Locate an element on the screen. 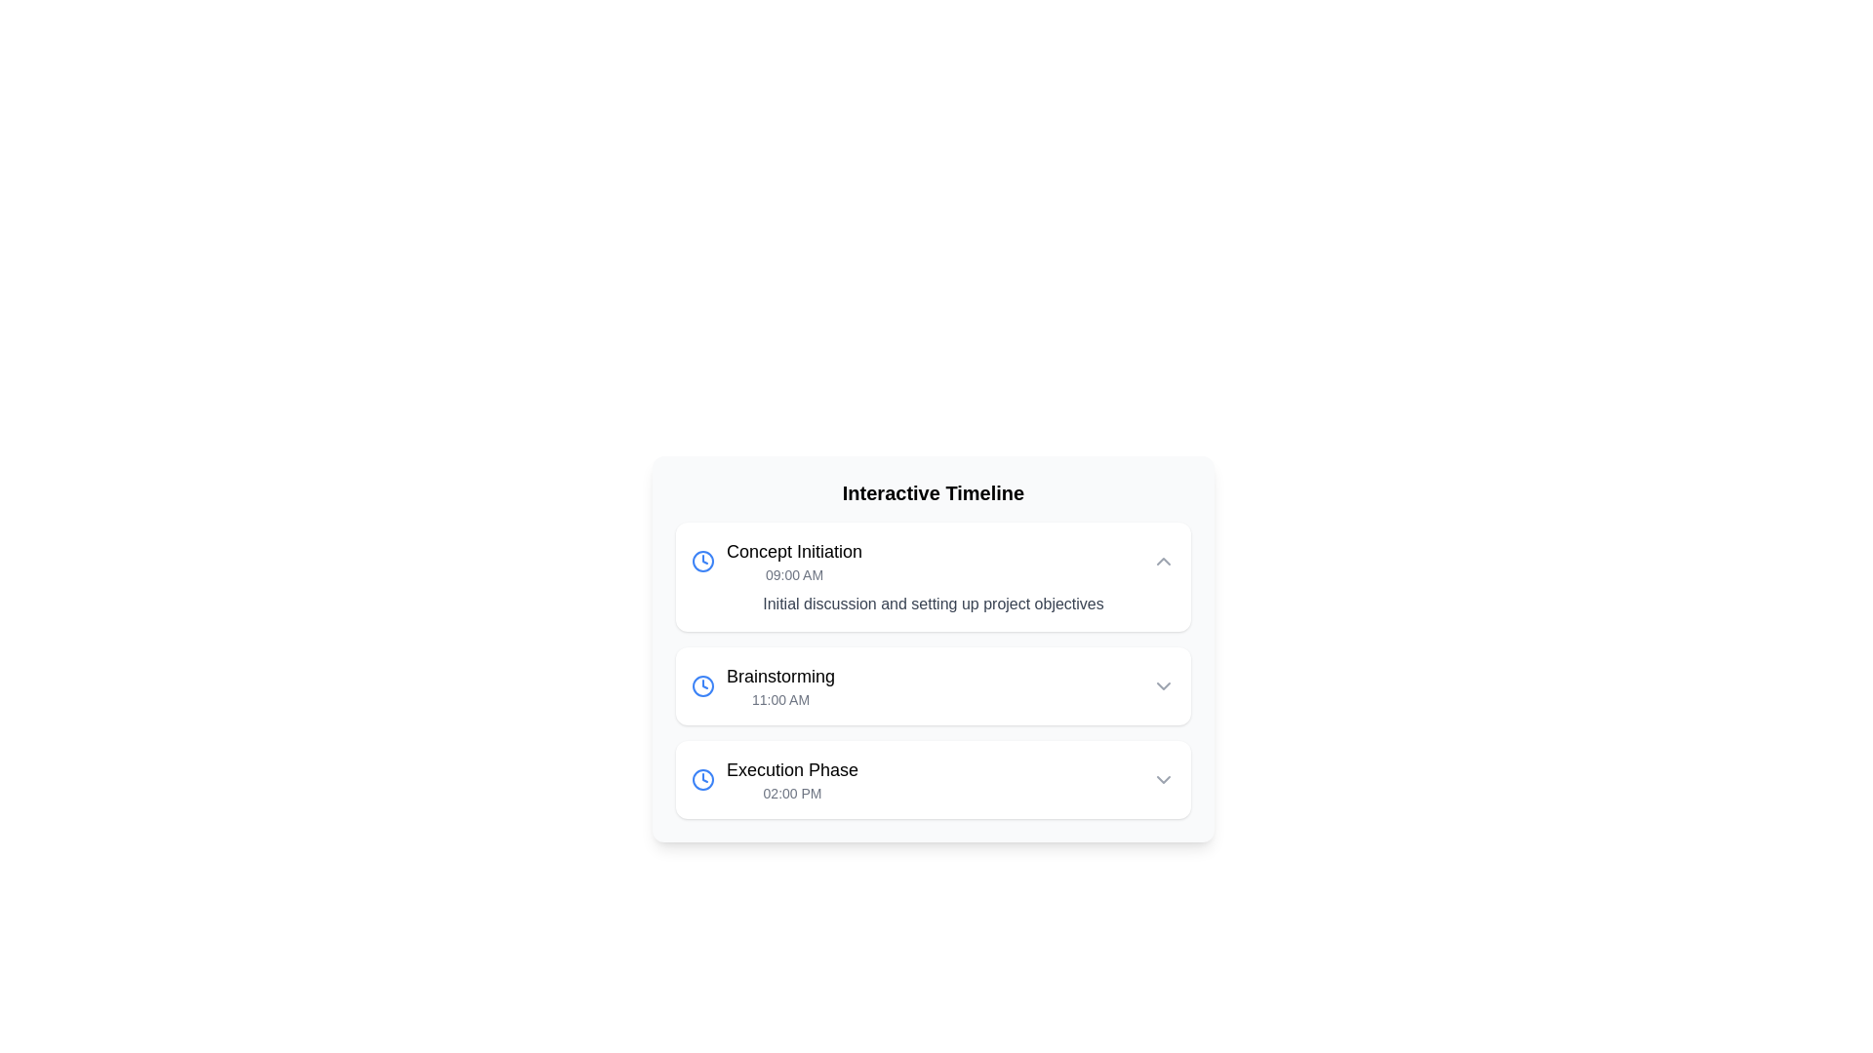 This screenshot has width=1873, height=1053. the 'Brainstorming' session text label in the timeline, which displays the event title and time, positioned between 'Concept Initiation' and 'Execution Phase' is located at coordinates (780, 685).